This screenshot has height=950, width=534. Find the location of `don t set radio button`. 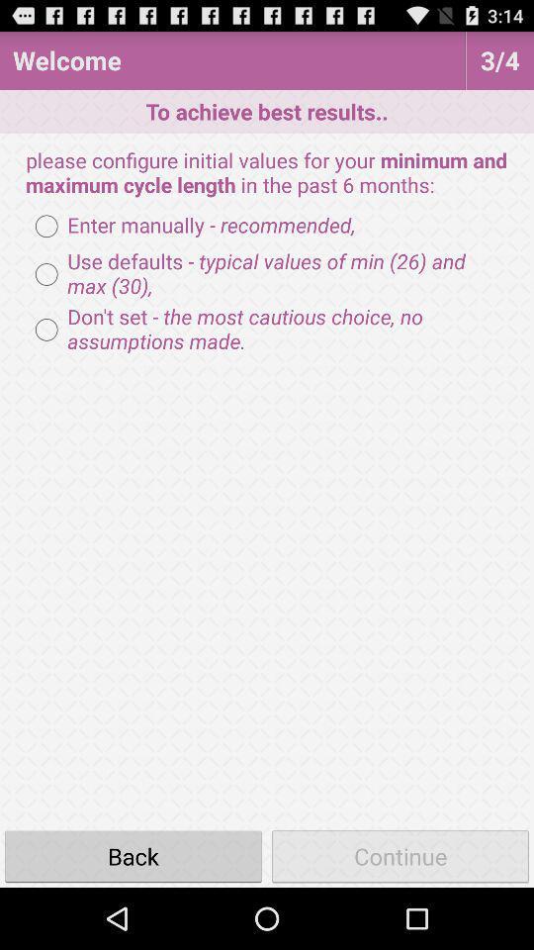

don t set radio button is located at coordinates (267, 330).